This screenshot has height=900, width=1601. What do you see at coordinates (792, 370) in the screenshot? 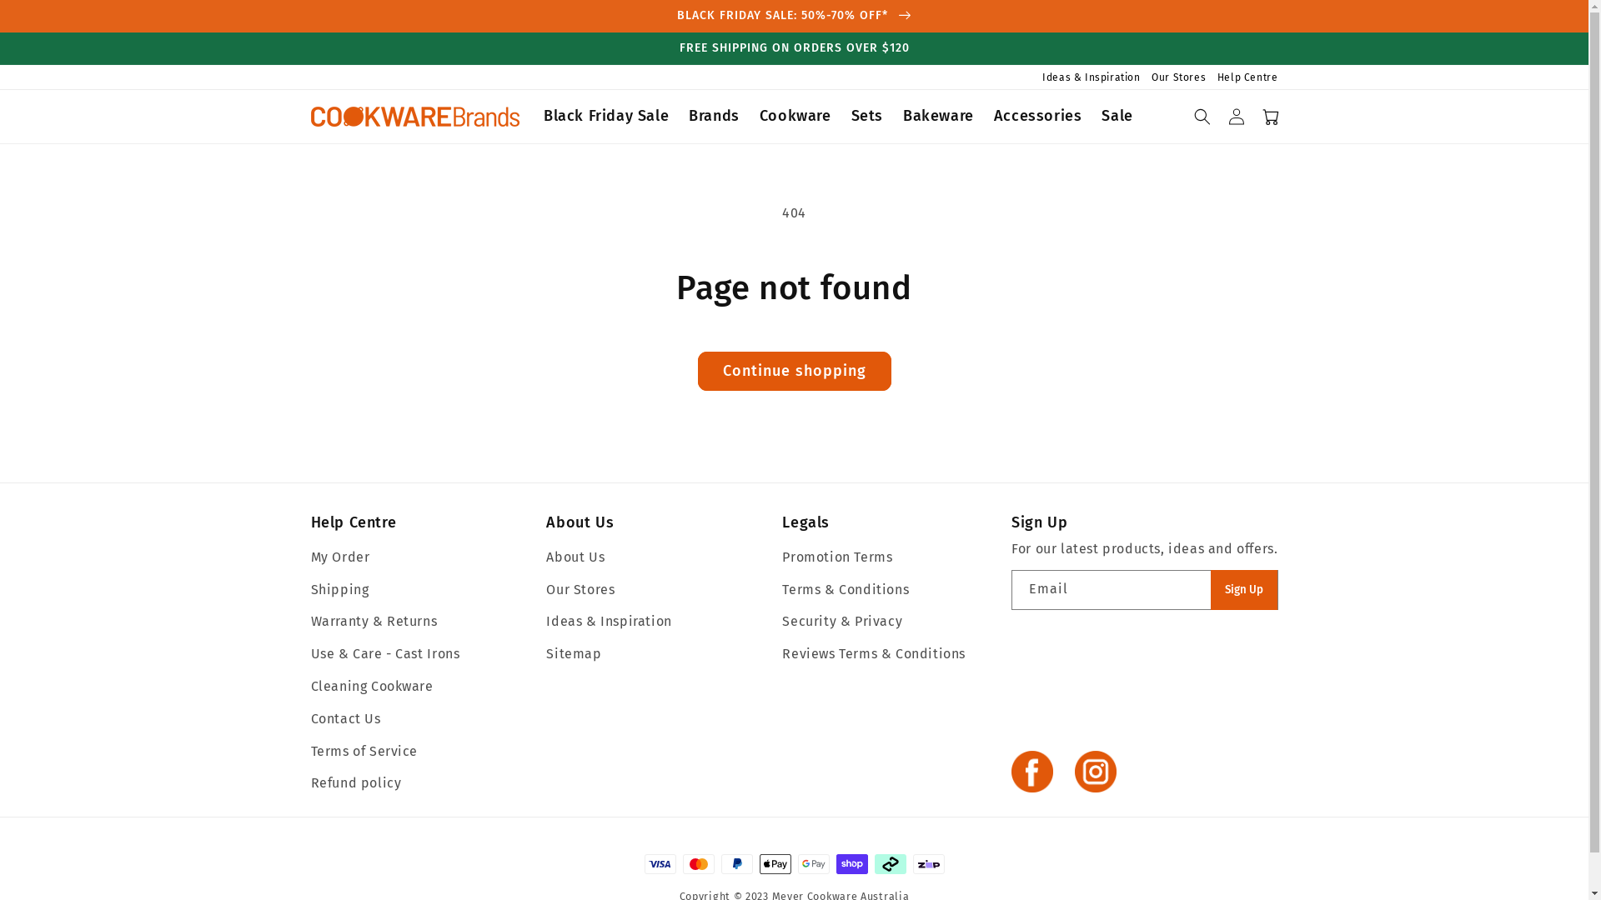
I see `'Continue shopping'` at bounding box center [792, 370].